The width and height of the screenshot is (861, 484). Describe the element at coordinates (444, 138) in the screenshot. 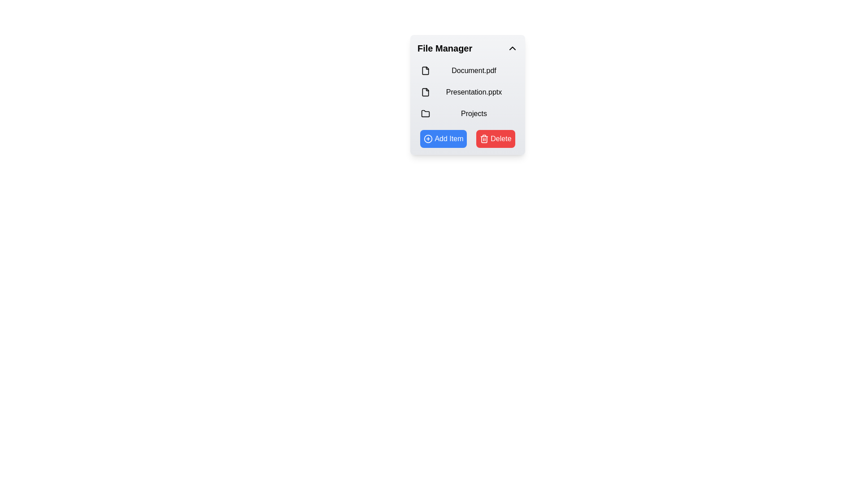

I see `the rectangular button with rounded corners that has a bright blue background and white text reading 'Add Item'` at that location.